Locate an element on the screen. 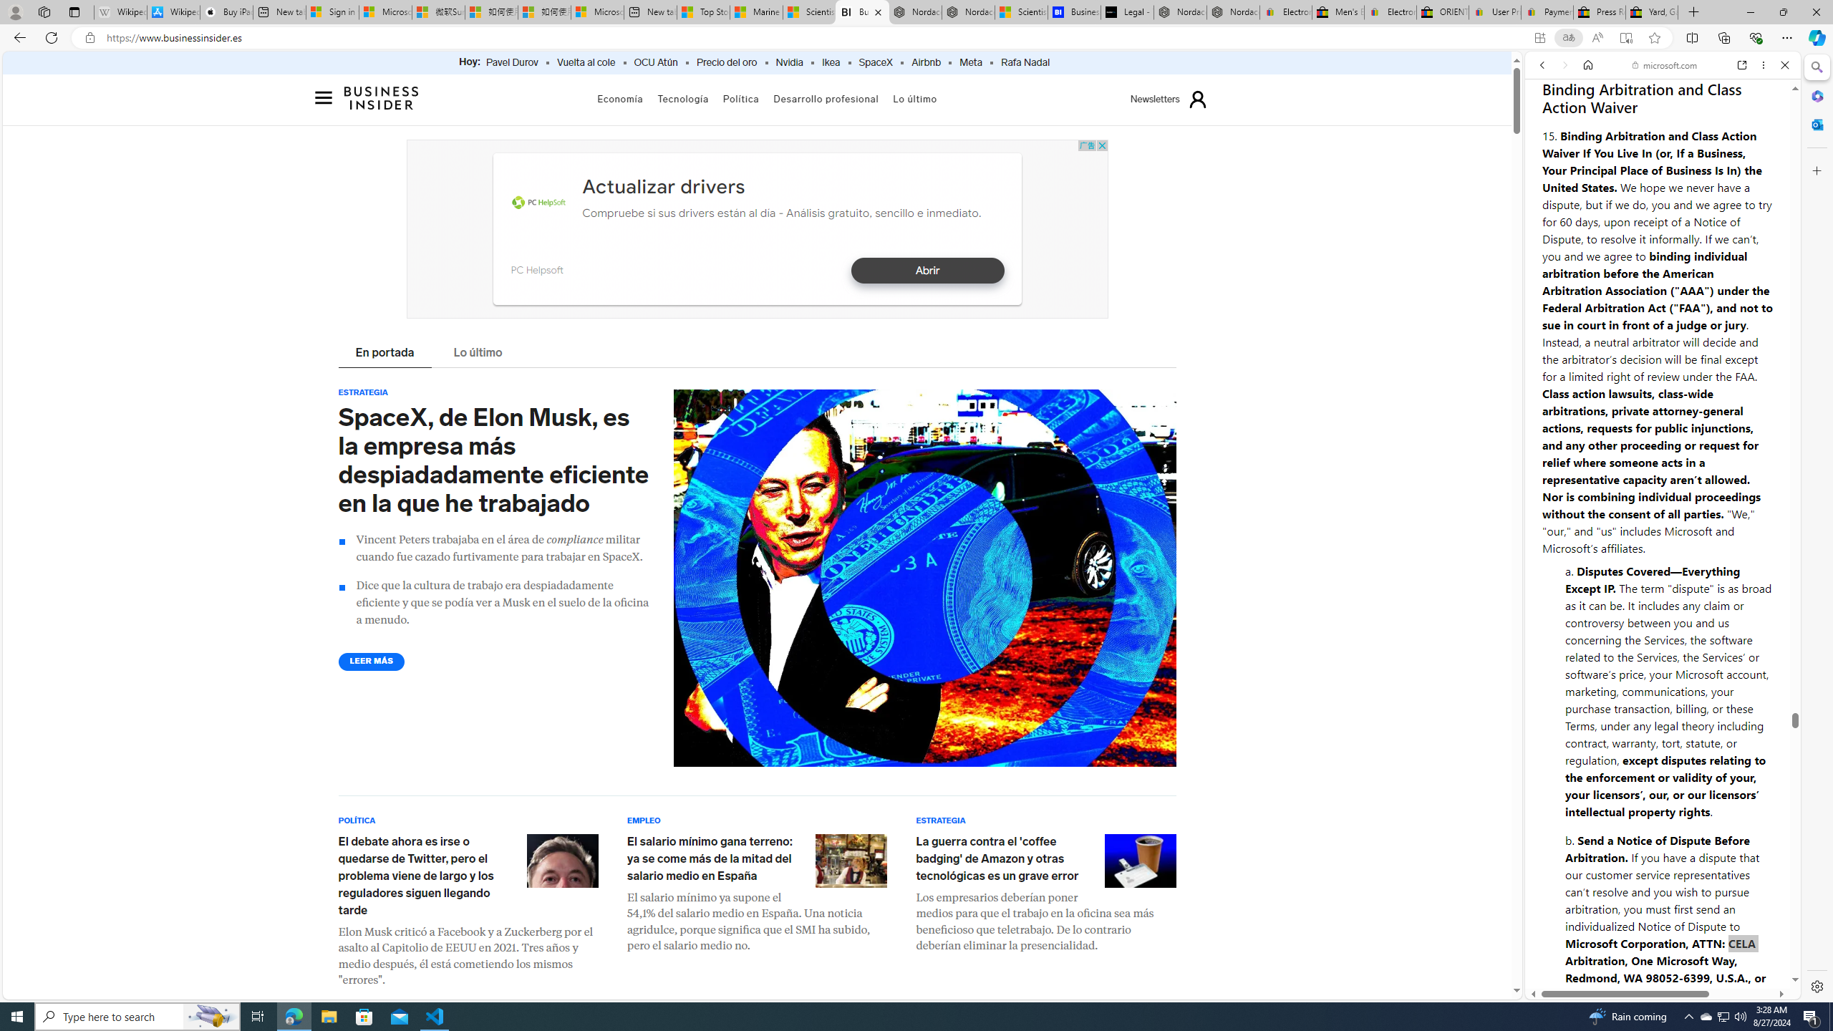 The height and width of the screenshot is (1031, 1833). 'Enter Immersive Reader (F9)' is located at coordinates (1625, 38).